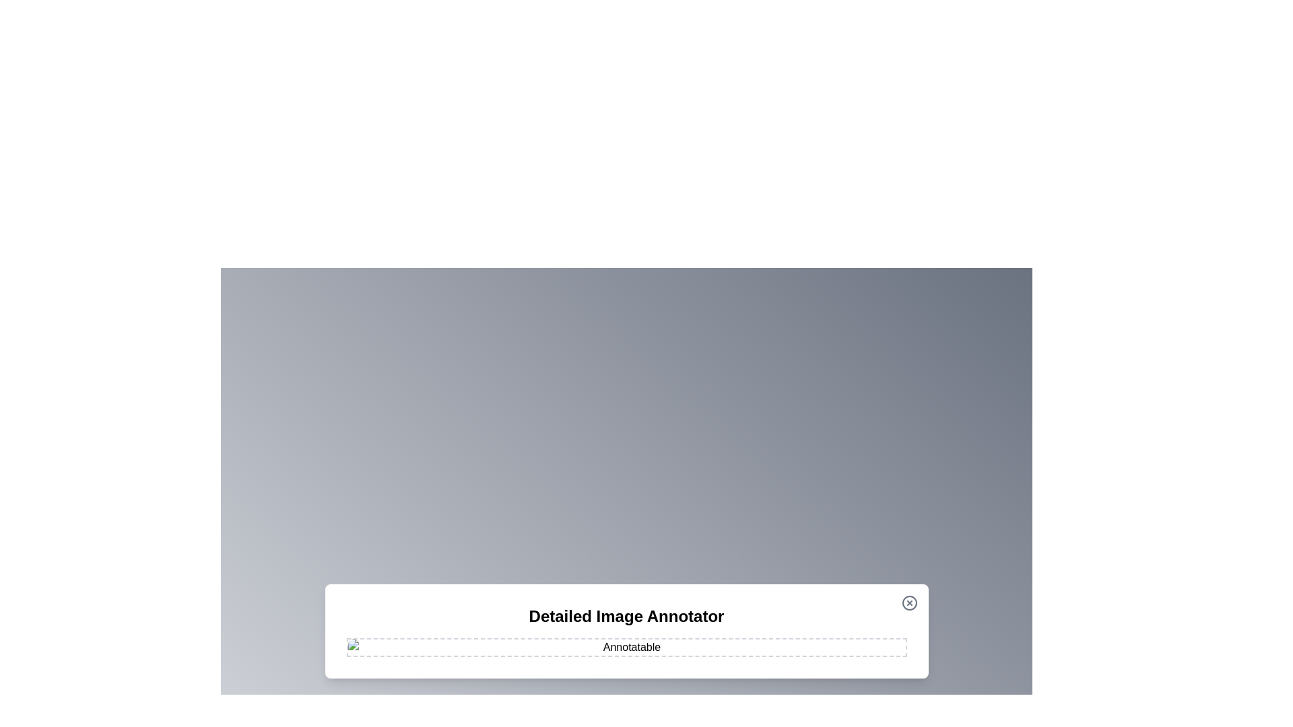 The image size is (1293, 727). Describe the element at coordinates (412, 644) in the screenshot. I see `the image at coordinates (613, 958) to add an annotation` at that location.